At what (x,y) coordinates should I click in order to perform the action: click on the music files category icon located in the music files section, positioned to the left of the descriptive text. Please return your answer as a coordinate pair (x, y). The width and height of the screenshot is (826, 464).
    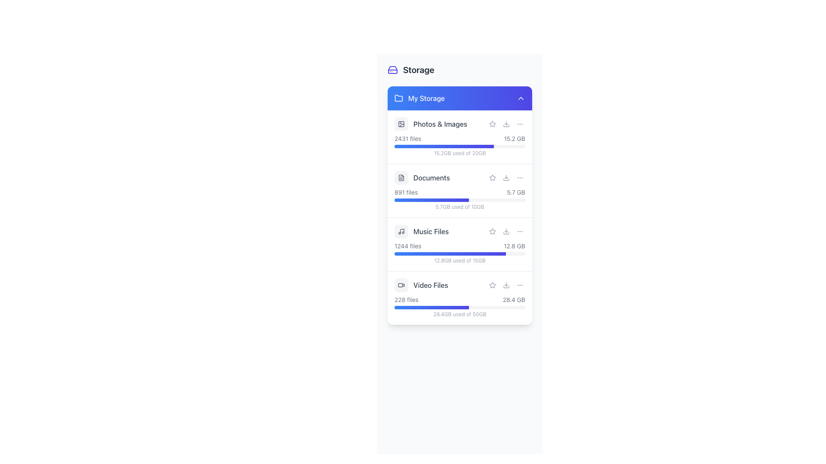
    Looking at the image, I should click on (401, 231).